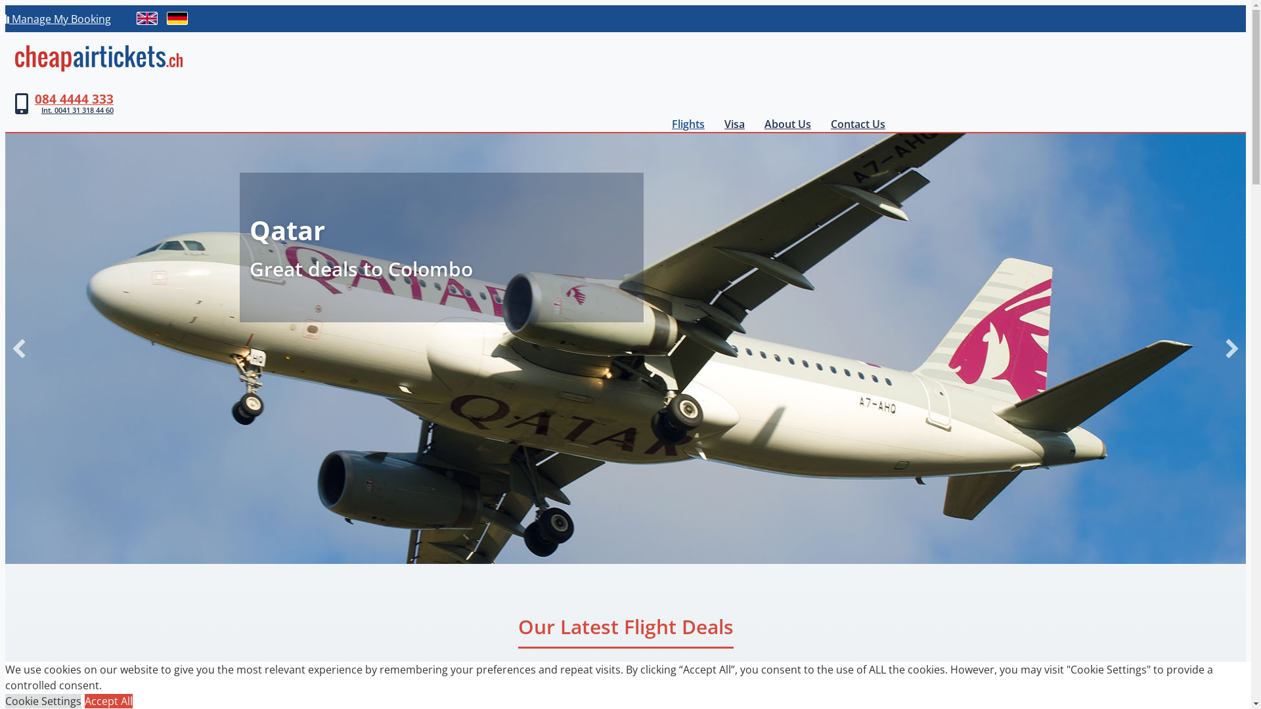  Describe the element at coordinates (858, 124) in the screenshot. I see `'Contact Us'` at that location.